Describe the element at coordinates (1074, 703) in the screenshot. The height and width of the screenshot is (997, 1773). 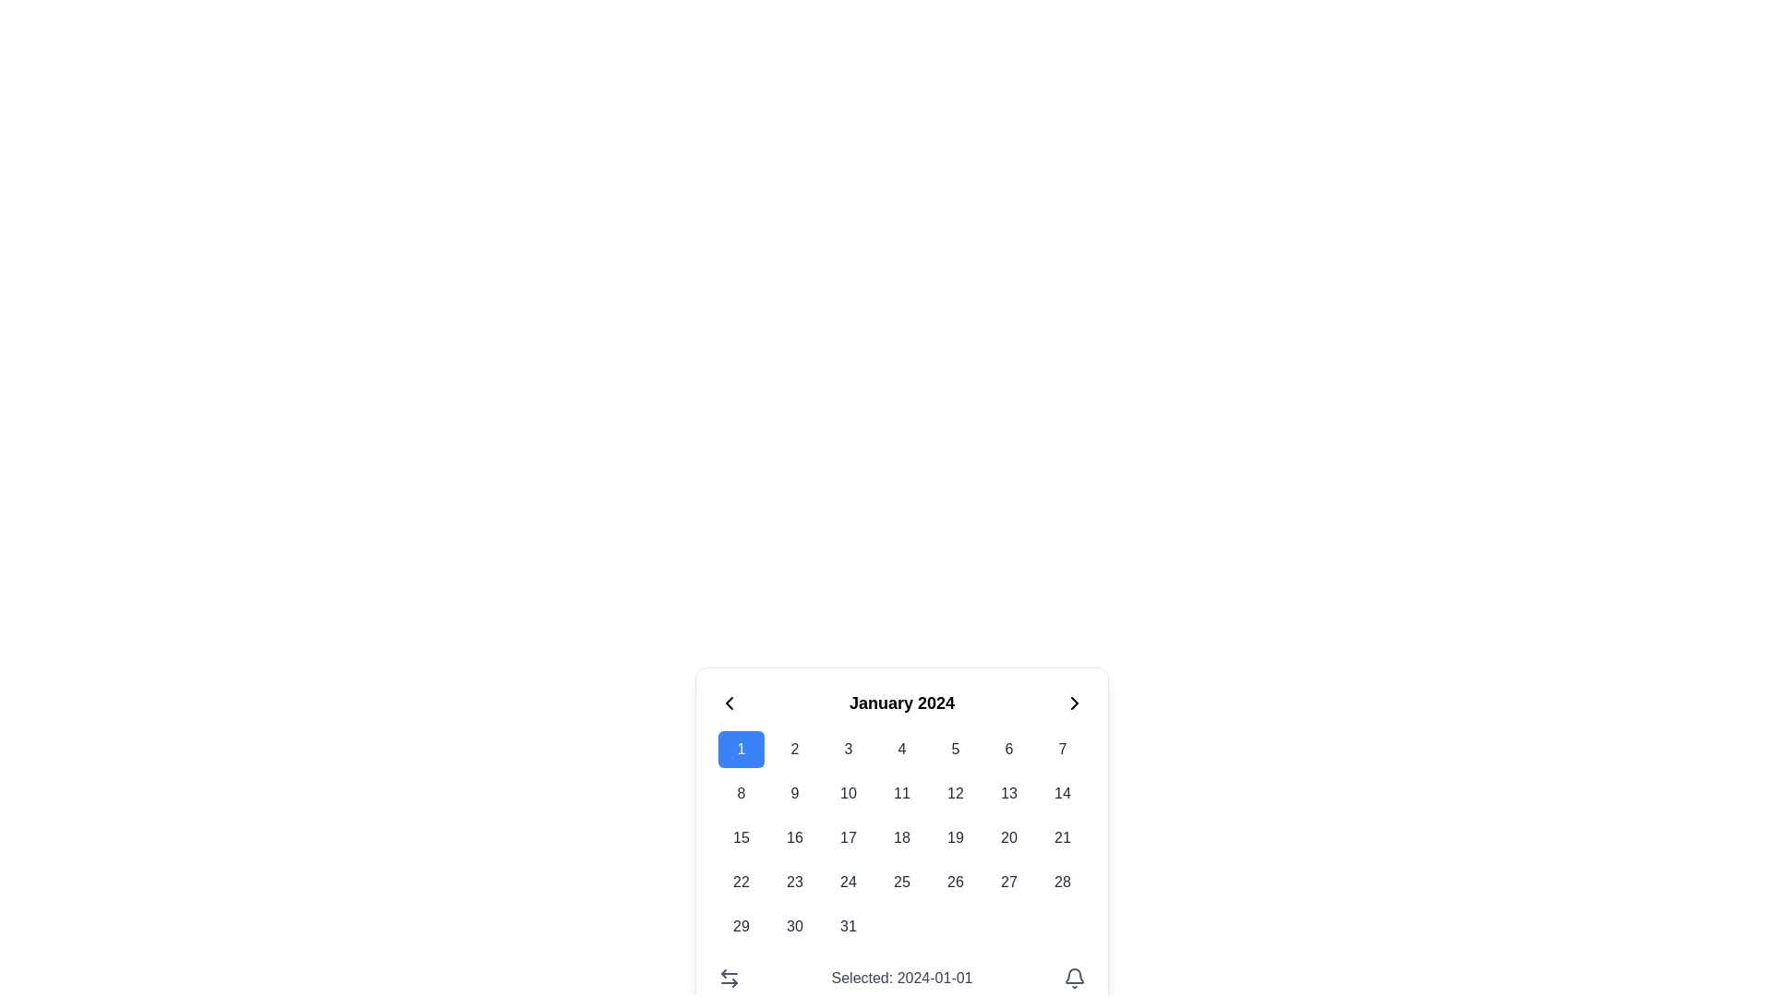
I see `the rightward-pointing chevron icon in the calendar interface located next to the 'January 2024' date label` at that location.